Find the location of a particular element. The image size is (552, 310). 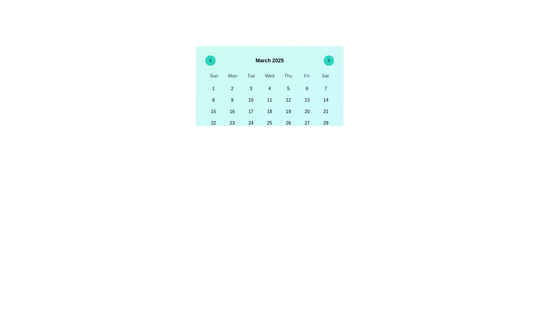

the button displaying the number '27' in the bottom-right section of the calendar-like interface for additional information is located at coordinates (307, 123).